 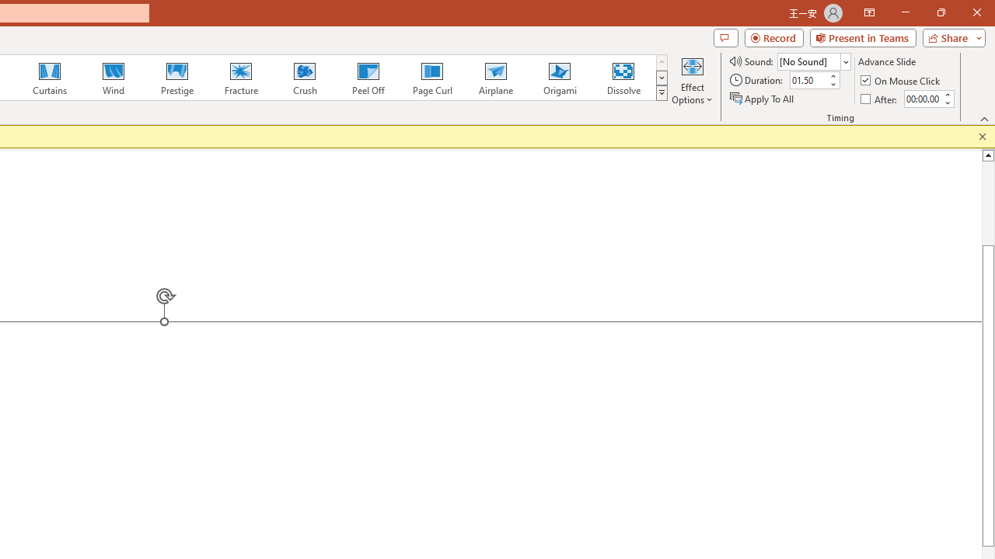 What do you see at coordinates (304, 78) in the screenshot?
I see `'Crush'` at bounding box center [304, 78].